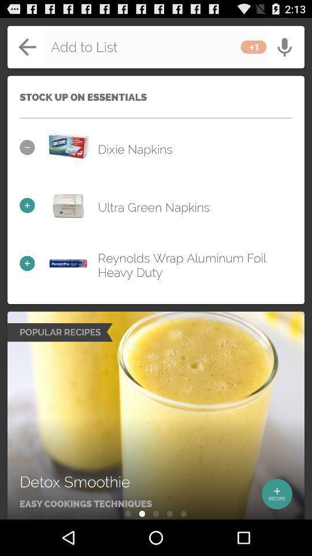 The height and width of the screenshot is (556, 312). I want to click on remove selected item, so click(68, 147).